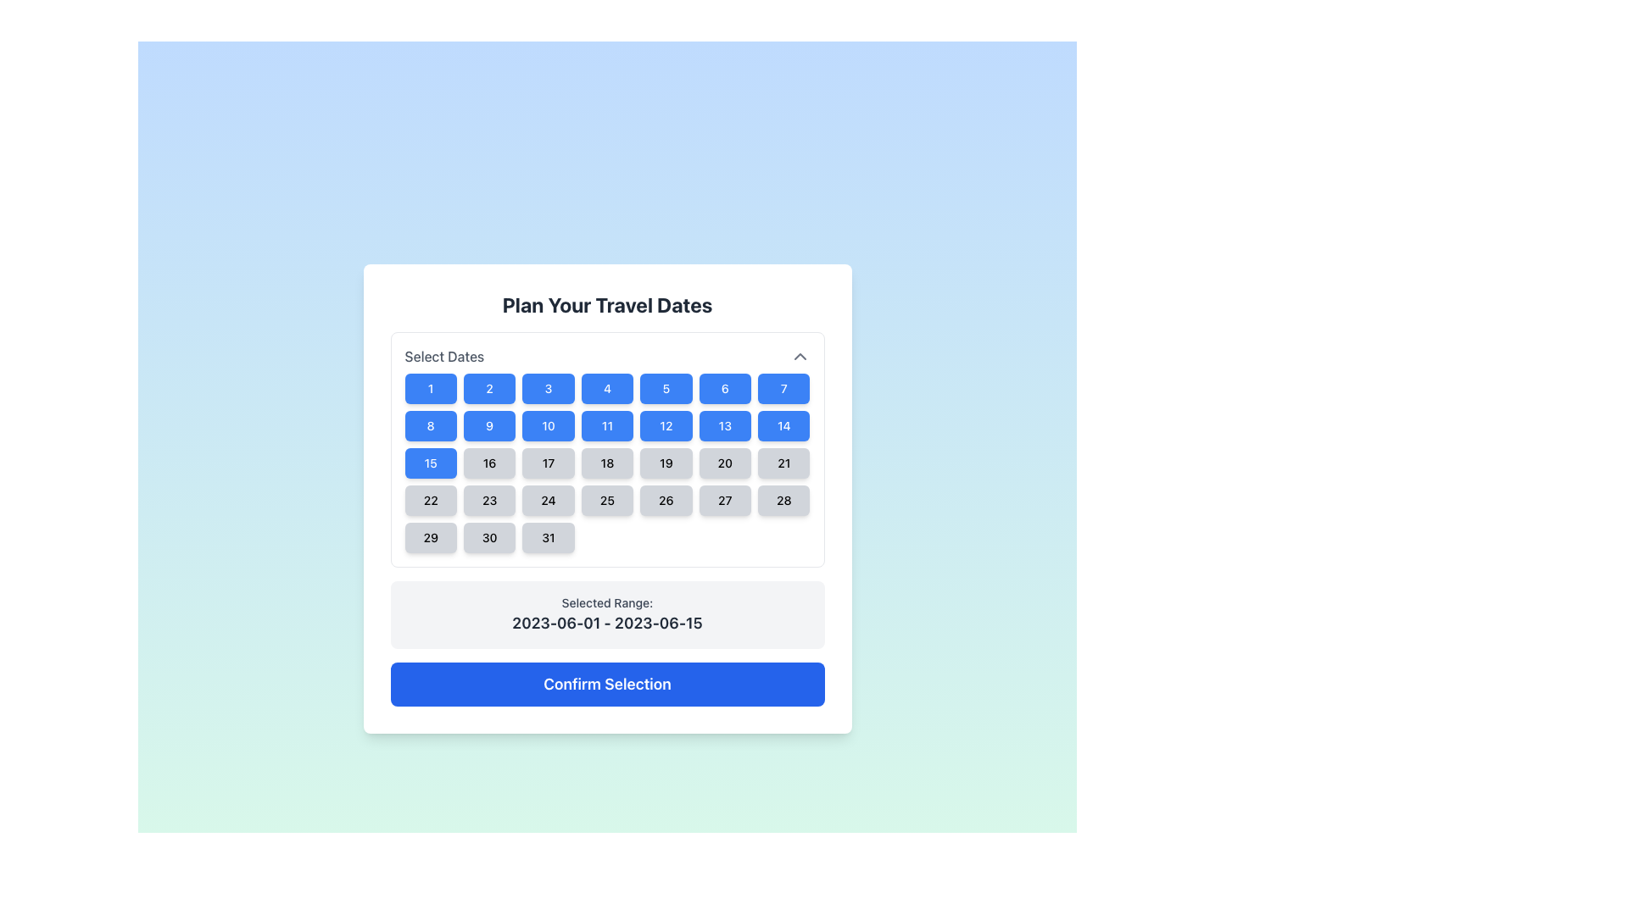  I want to click on the Text Display element that shows the date range '2023-06-01 - 2023-06-15', styled in large bold font with dark gray color against a light gray background, located below the grid of blue date selection buttons, so click(607, 624).